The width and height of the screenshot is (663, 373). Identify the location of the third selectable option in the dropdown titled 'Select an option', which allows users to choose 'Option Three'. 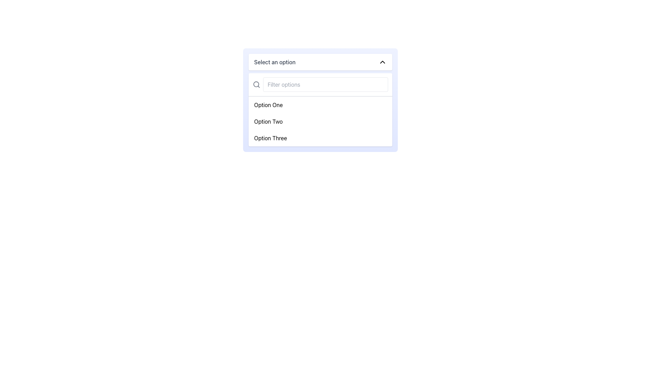
(320, 138).